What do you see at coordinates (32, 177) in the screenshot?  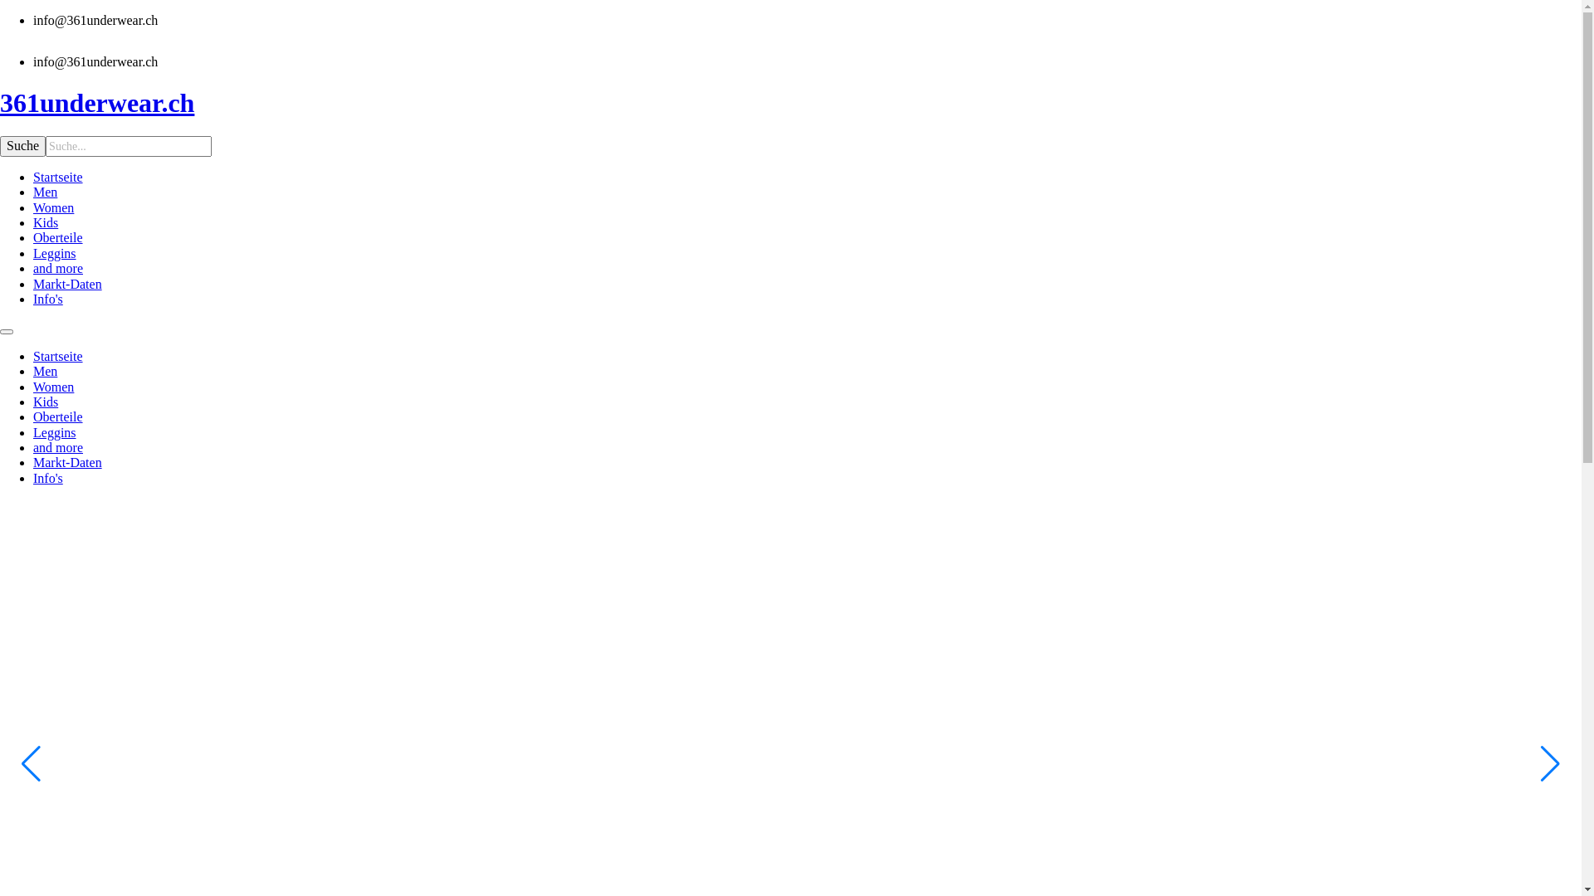 I see `'Startseite'` at bounding box center [32, 177].